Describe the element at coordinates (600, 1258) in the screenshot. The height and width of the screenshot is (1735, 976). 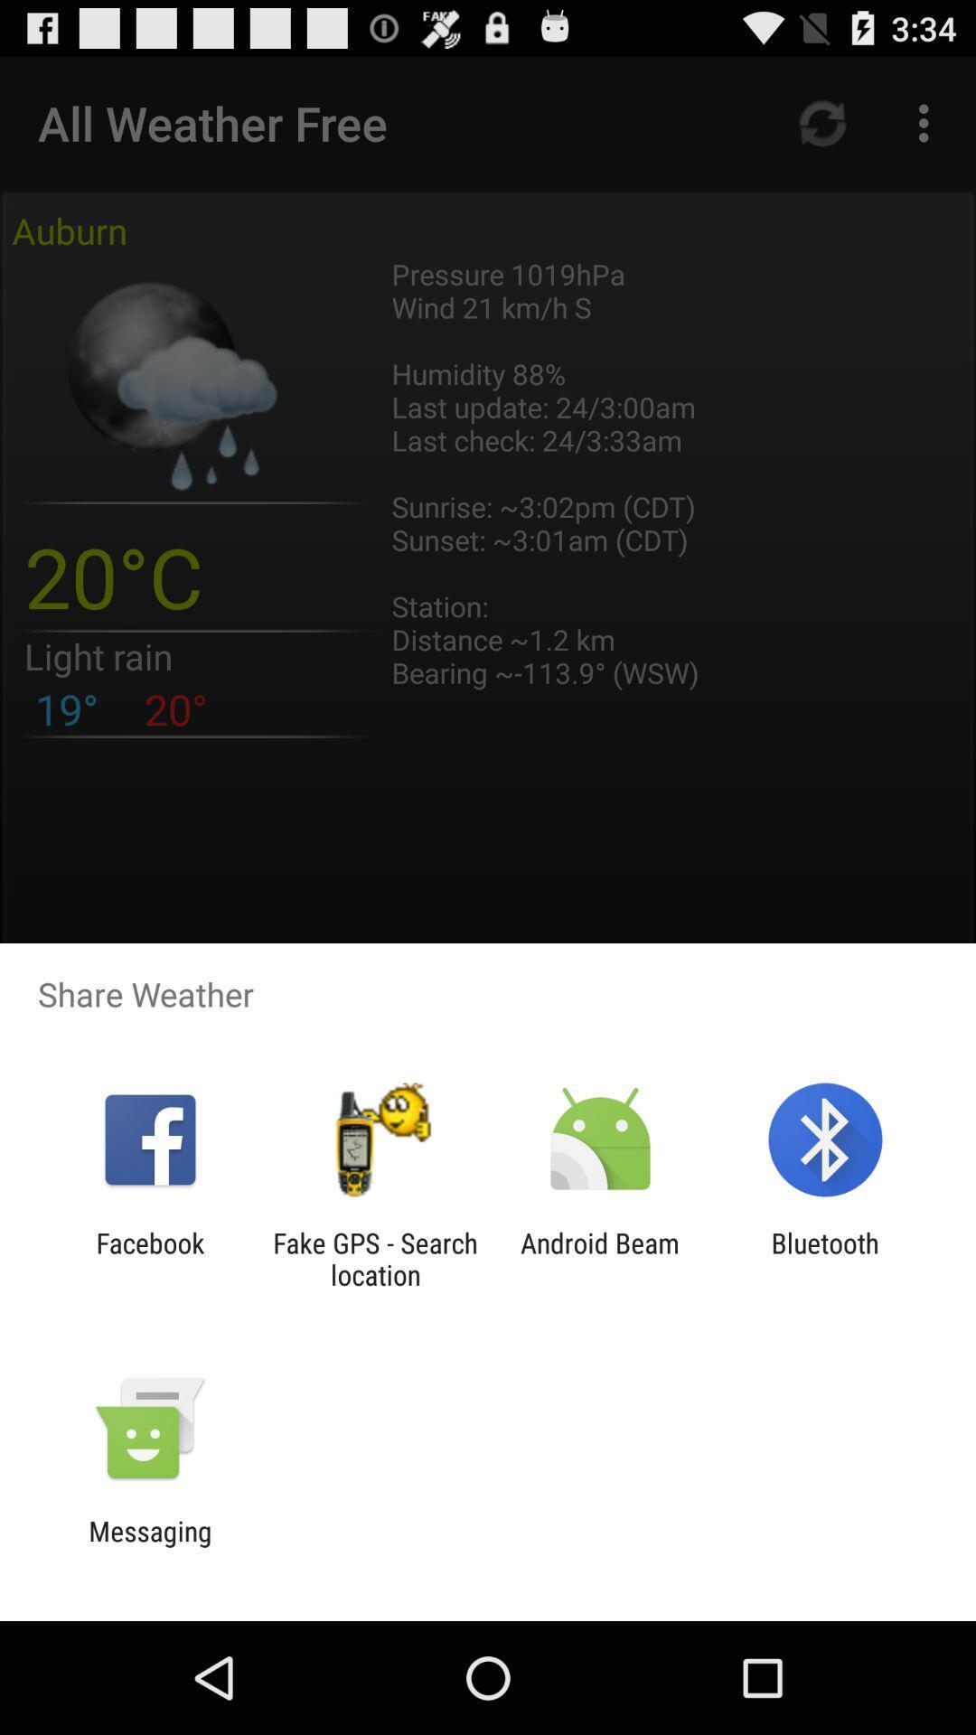
I see `app to the left of bluetooth icon` at that location.